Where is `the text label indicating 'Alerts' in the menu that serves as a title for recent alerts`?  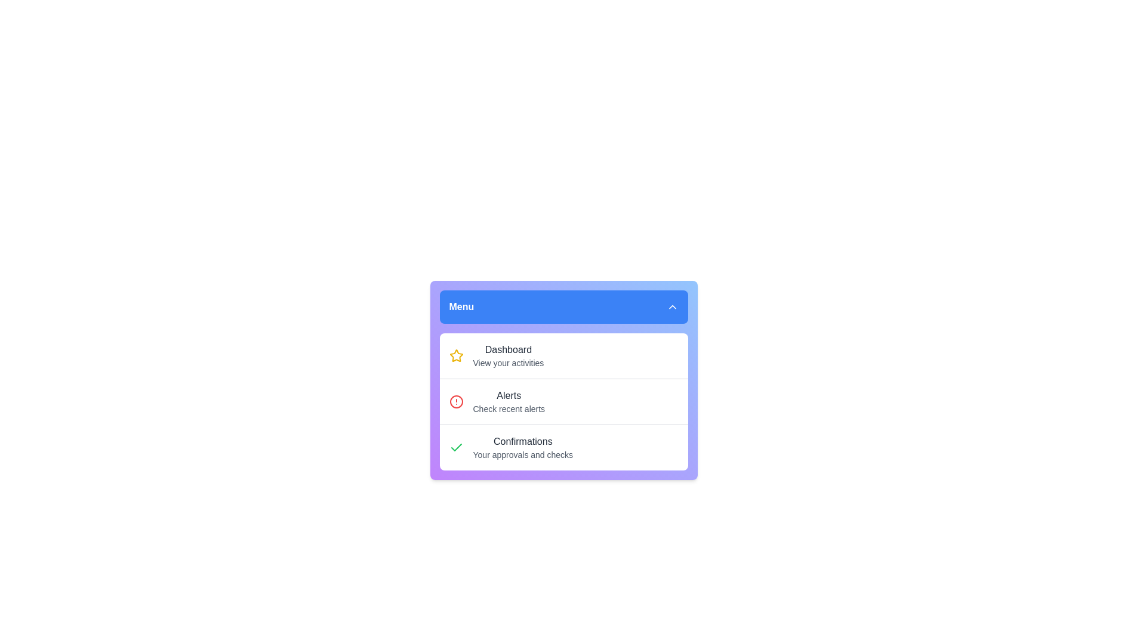 the text label indicating 'Alerts' in the menu that serves as a title for recent alerts is located at coordinates (509, 395).